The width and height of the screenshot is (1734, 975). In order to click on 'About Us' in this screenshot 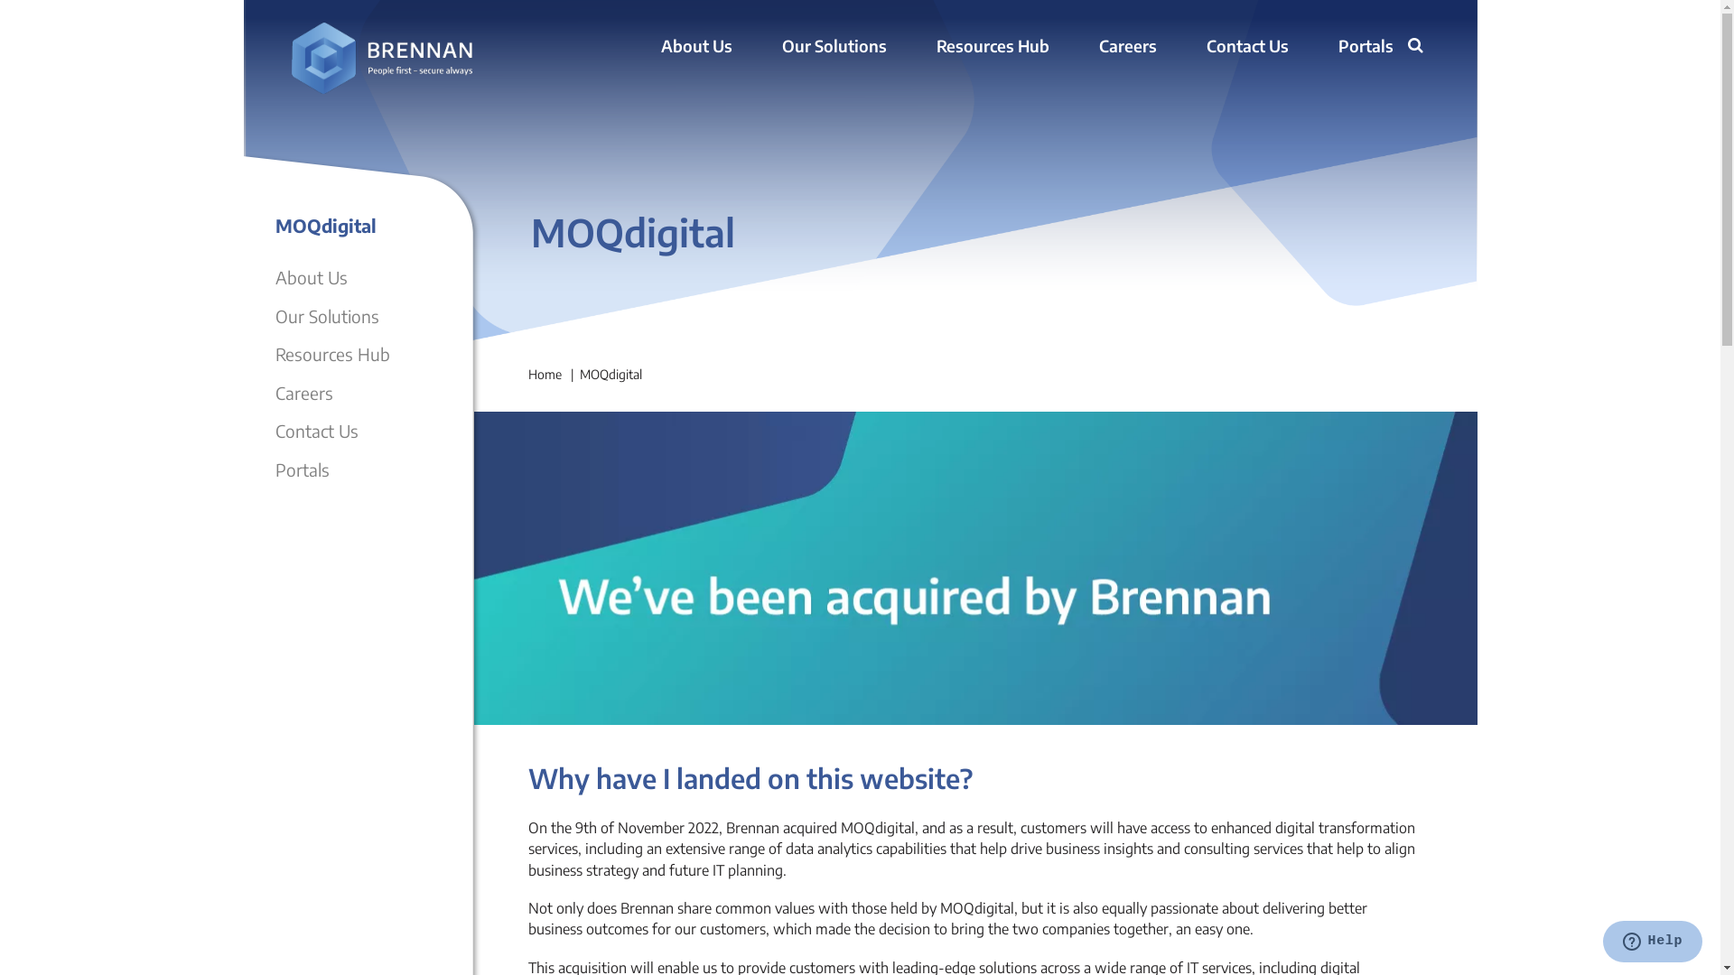, I will do `click(695, 46)`.